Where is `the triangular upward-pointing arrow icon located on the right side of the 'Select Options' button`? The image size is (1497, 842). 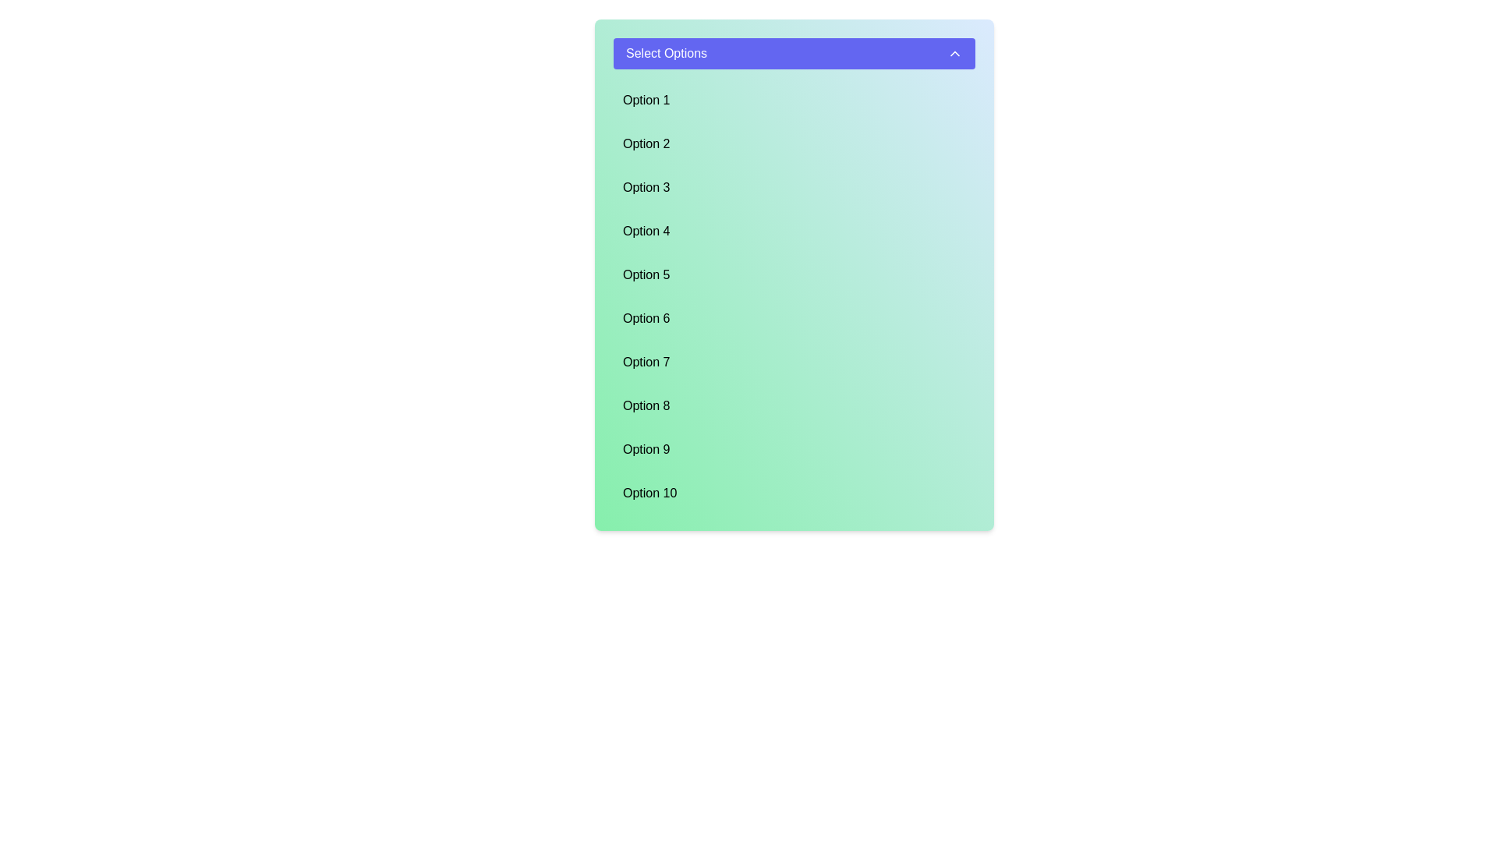
the triangular upward-pointing arrow icon located on the right side of the 'Select Options' button is located at coordinates (954, 53).